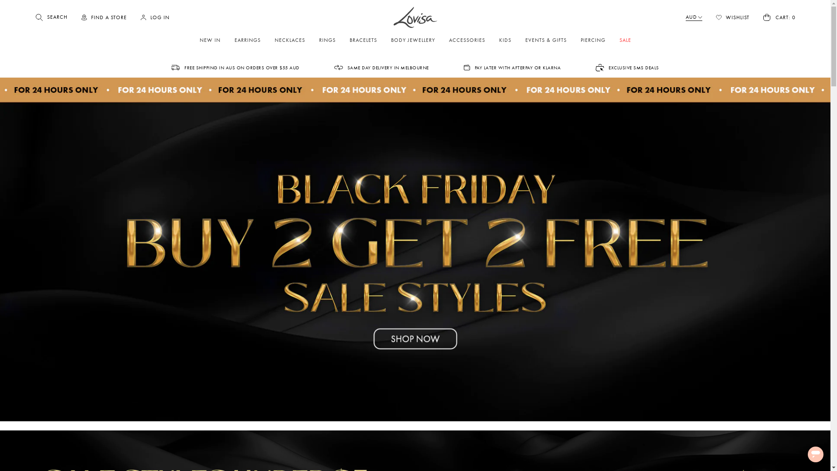 This screenshot has height=471, width=837. I want to click on 'PIERCING', so click(593, 40).